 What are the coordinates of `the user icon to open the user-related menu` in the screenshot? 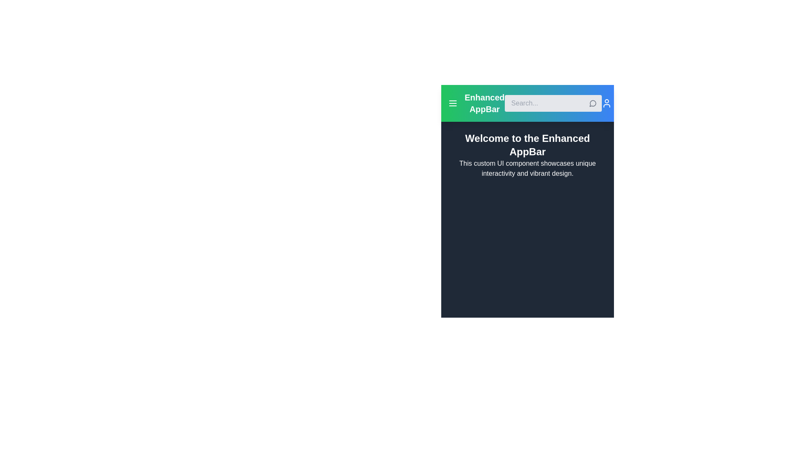 It's located at (606, 103).